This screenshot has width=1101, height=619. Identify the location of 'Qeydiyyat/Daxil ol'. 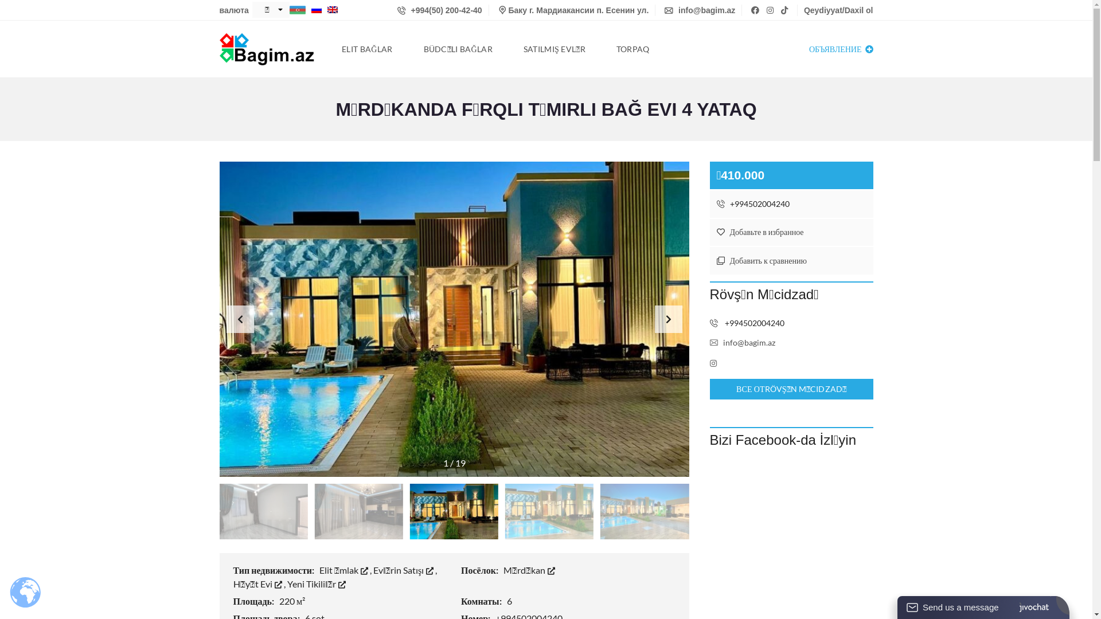
(803, 10).